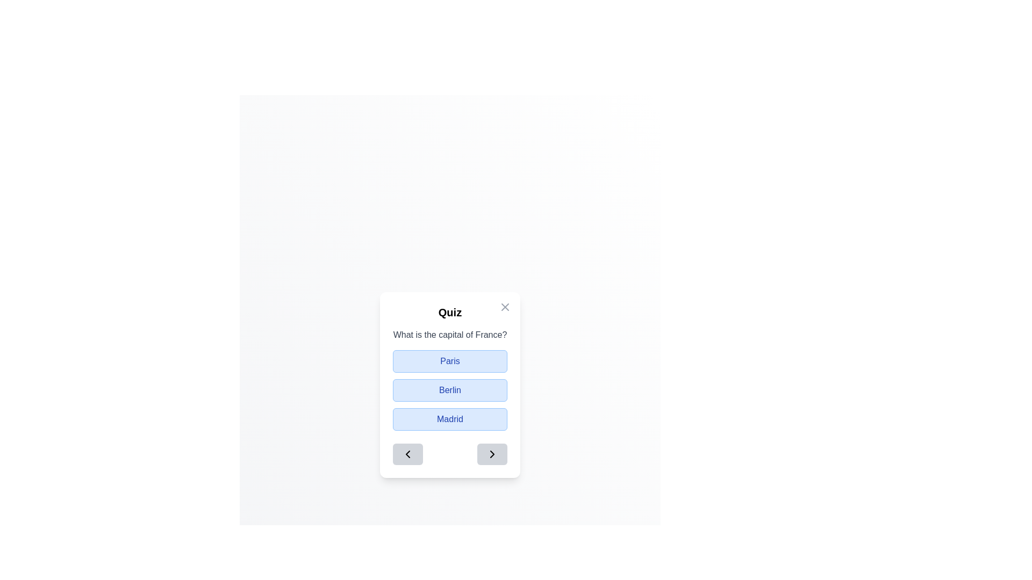  I want to click on the leftward-pointing arrow icon embedded in the button located at the bottom-left section of the quiz dialogue box, so click(407, 454).